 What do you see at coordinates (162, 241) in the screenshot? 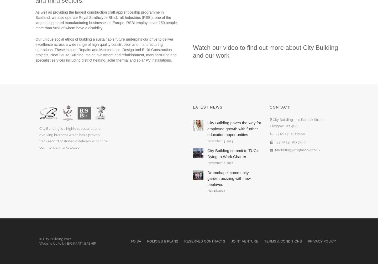
I see `'Policies & Plans'` at bounding box center [162, 241].